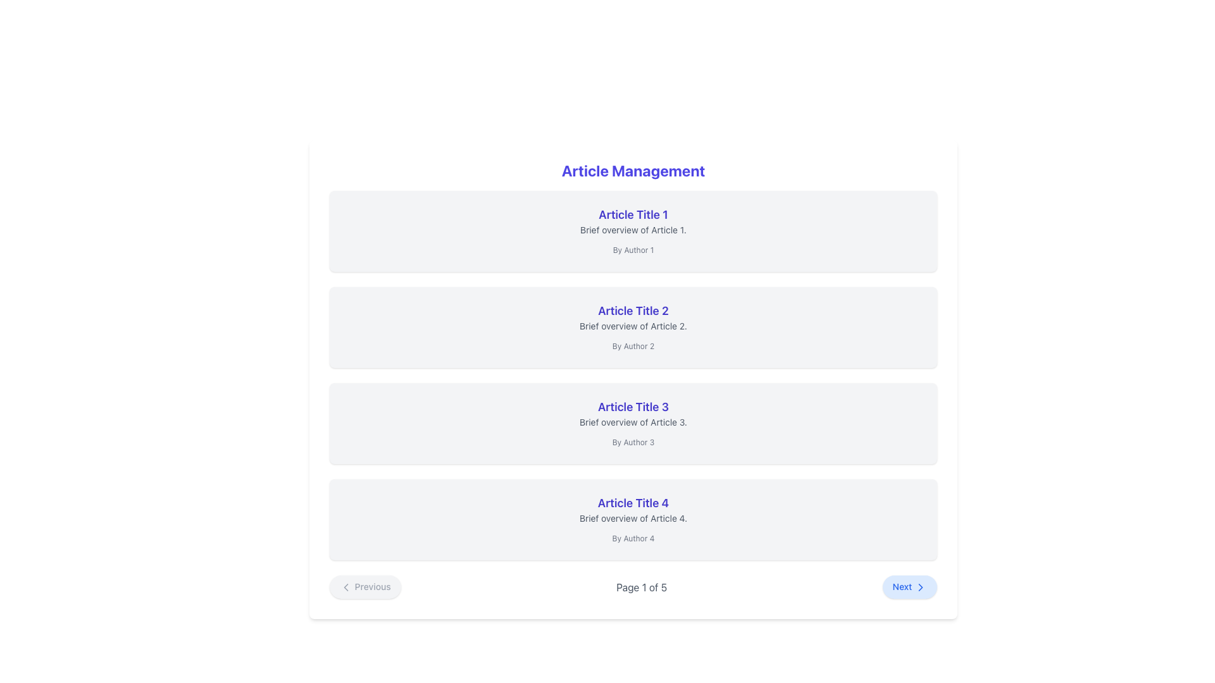  I want to click on the Text Label displaying the current page number and total number of pages, located between the 'Previous' and 'Next' buttons in the navigation bar, so click(642, 587).